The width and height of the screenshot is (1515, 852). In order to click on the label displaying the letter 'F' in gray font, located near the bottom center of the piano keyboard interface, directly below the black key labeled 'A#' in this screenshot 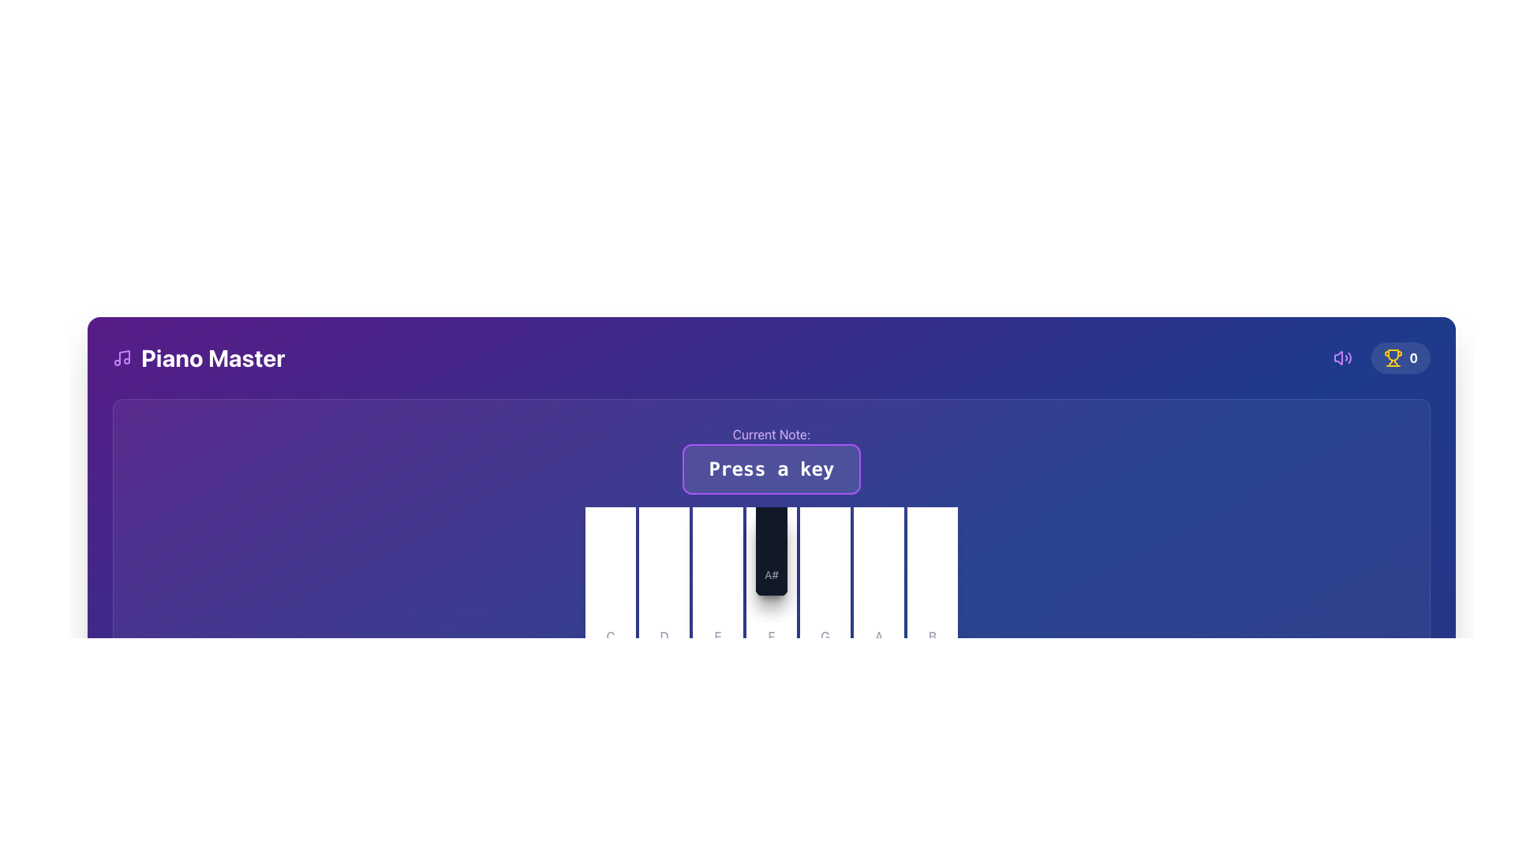, I will do `click(772, 635)`.